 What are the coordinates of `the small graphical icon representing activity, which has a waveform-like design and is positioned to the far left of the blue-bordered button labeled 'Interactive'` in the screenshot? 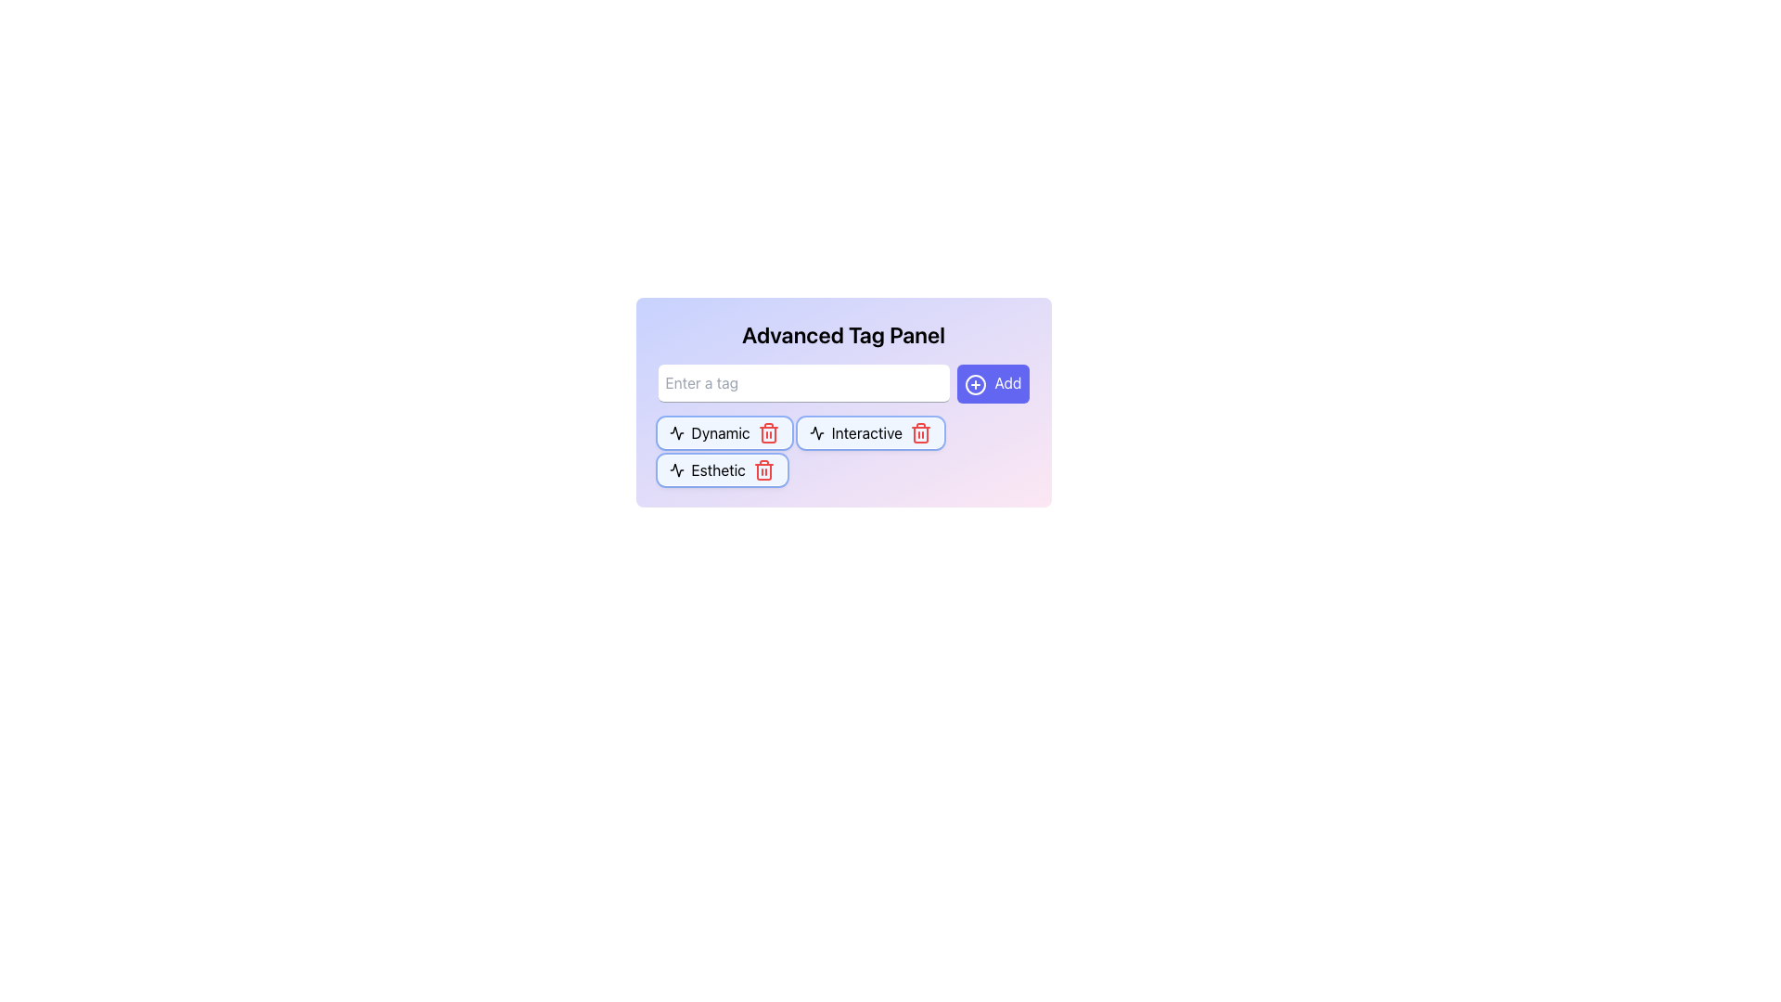 It's located at (816, 432).